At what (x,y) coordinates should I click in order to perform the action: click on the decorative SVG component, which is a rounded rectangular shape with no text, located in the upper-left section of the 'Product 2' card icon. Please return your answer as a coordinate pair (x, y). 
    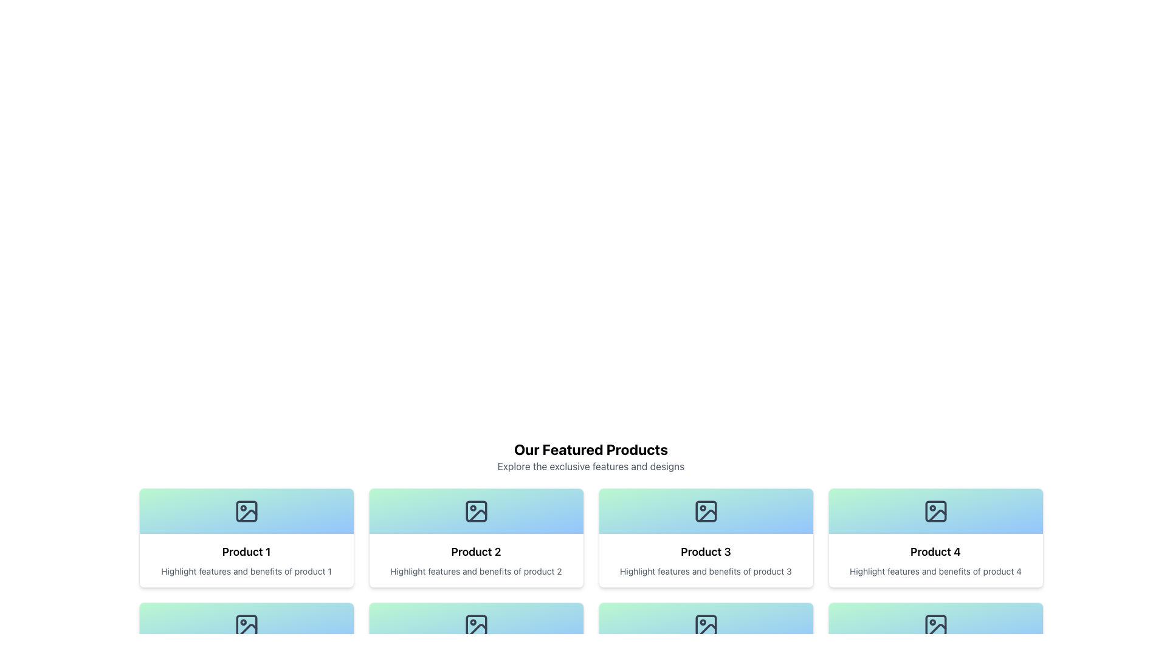
    Looking at the image, I should click on (475, 511).